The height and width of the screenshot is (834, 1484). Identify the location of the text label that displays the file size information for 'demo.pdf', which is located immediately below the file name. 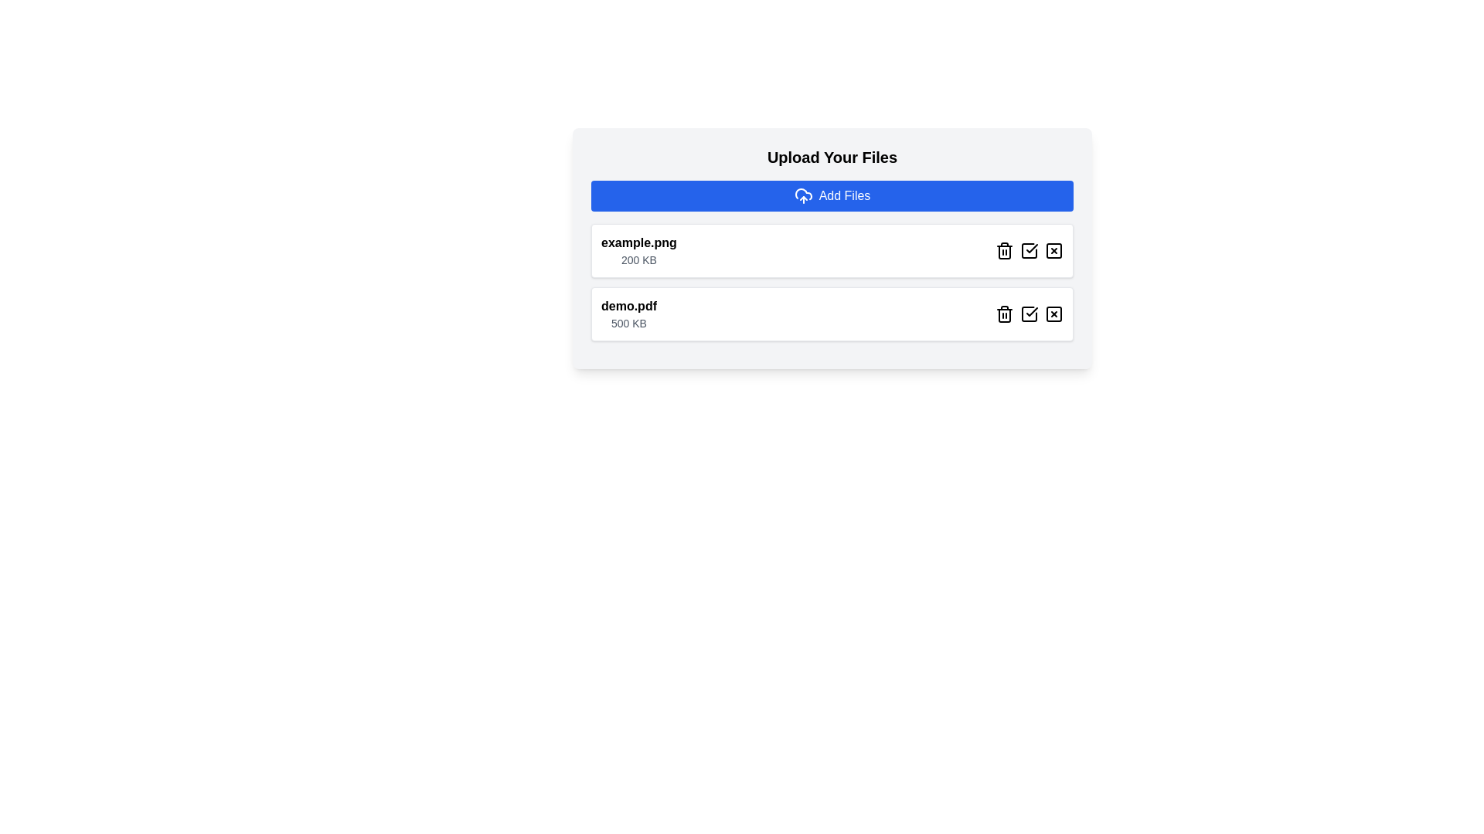
(629, 323).